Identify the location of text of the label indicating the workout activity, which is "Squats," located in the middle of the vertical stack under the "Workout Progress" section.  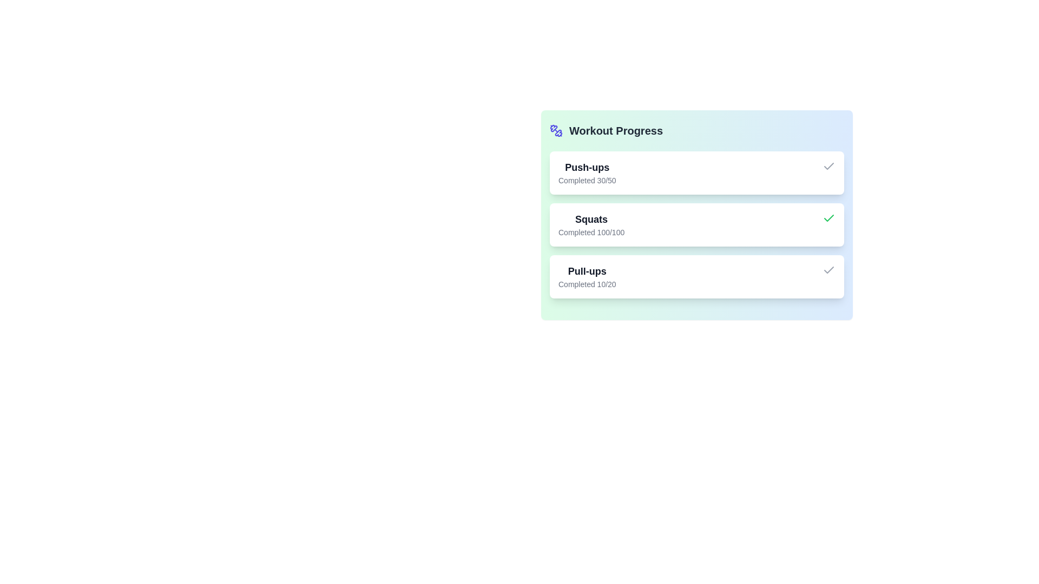
(591, 219).